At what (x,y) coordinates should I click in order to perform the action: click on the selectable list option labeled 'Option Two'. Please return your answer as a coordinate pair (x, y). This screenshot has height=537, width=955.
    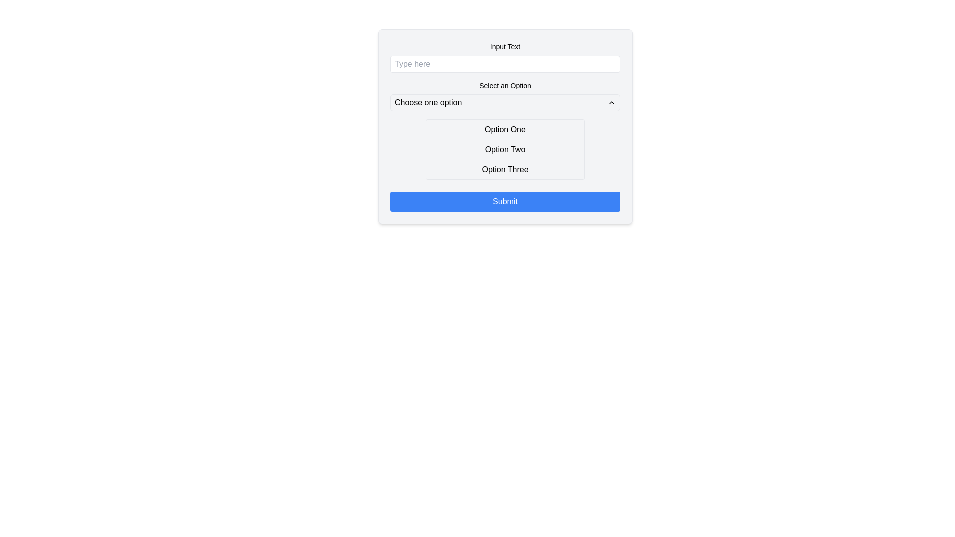
    Looking at the image, I should click on (505, 149).